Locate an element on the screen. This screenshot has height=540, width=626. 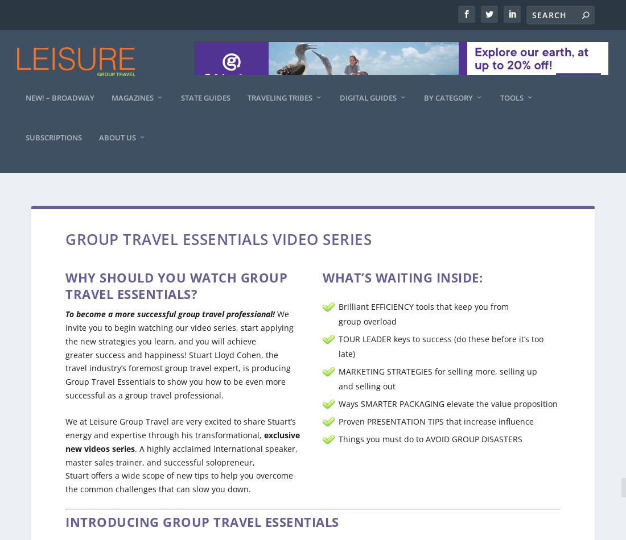
'To become a more successful group travel professional!' is located at coordinates (169, 303).